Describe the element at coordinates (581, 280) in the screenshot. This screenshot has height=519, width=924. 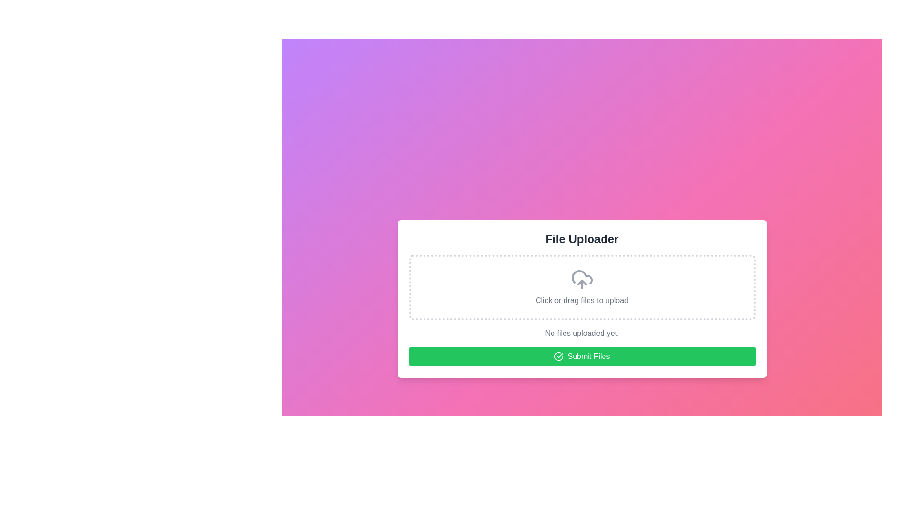
I see `the upload icon located in the 'File Uploader' section, which is visually represented by a dashed rectangle above the instruction 'Click or drag files to upload.'` at that location.